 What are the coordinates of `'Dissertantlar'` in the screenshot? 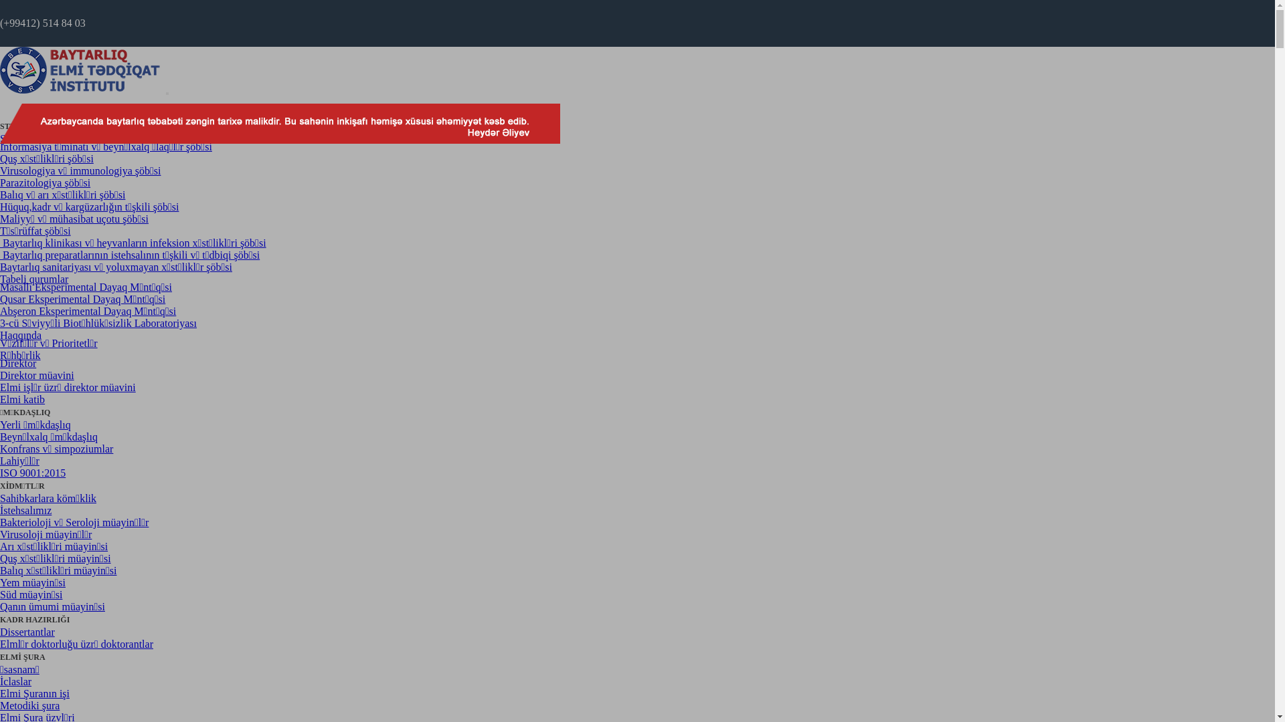 It's located at (27, 632).